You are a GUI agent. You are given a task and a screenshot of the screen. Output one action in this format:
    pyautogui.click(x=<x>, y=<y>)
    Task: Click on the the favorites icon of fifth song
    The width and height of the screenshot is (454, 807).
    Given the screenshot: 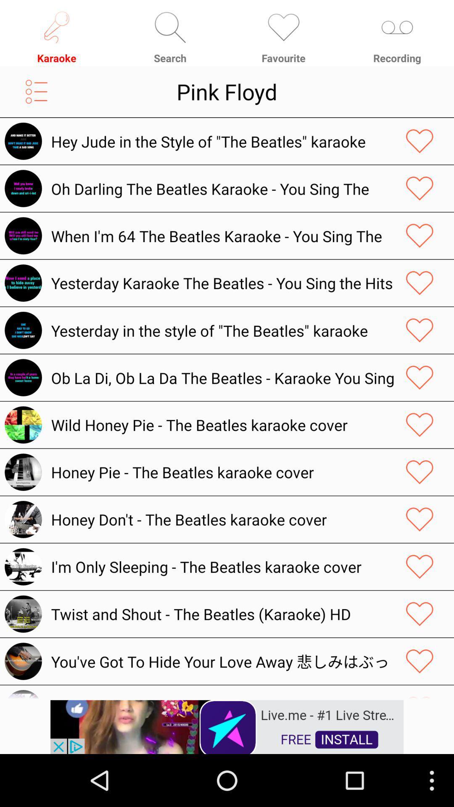 What is the action you would take?
    pyautogui.click(x=420, y=330)
    